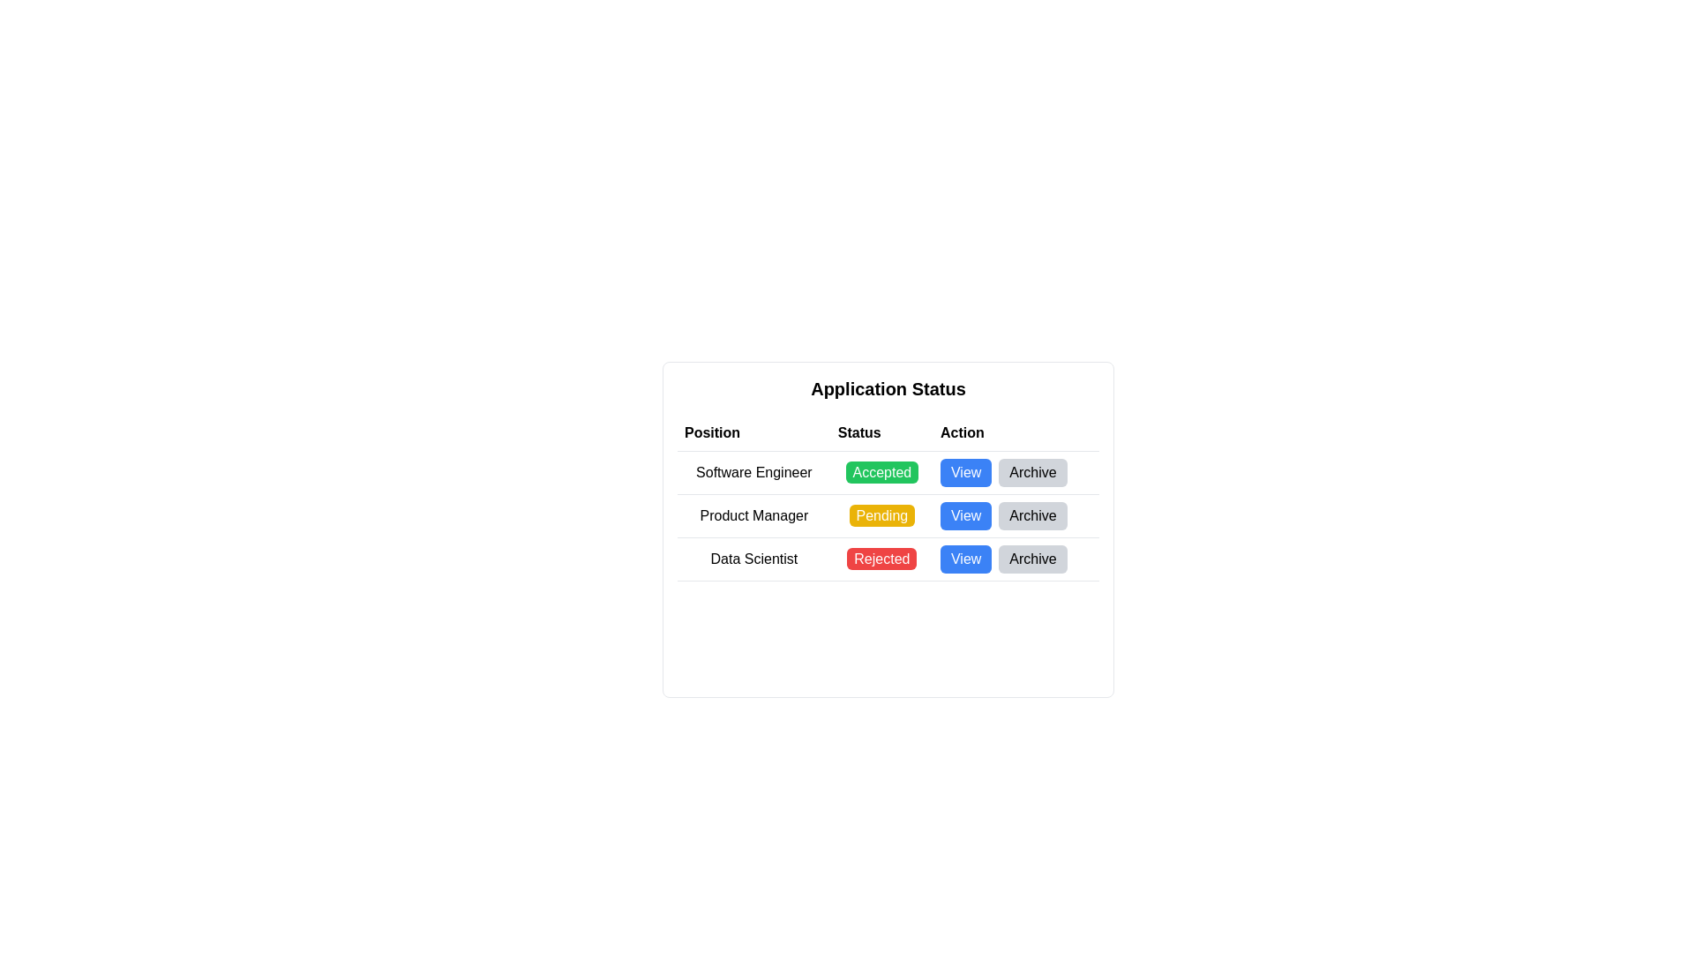 This screenshot has height=953, width=1694. What do you see at coordinates (1033, 559) in the screenshot?
I see `the 'Archive' button, which is the second button in the 'Action' column for the 'Data Scientist' position in the application status table` at bounding box center [1033, 559].